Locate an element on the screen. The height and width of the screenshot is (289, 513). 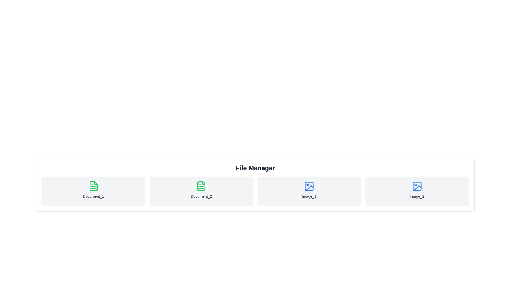
the green document icon within the card labeled 'Document_2' is located at coordinates (201, 186).